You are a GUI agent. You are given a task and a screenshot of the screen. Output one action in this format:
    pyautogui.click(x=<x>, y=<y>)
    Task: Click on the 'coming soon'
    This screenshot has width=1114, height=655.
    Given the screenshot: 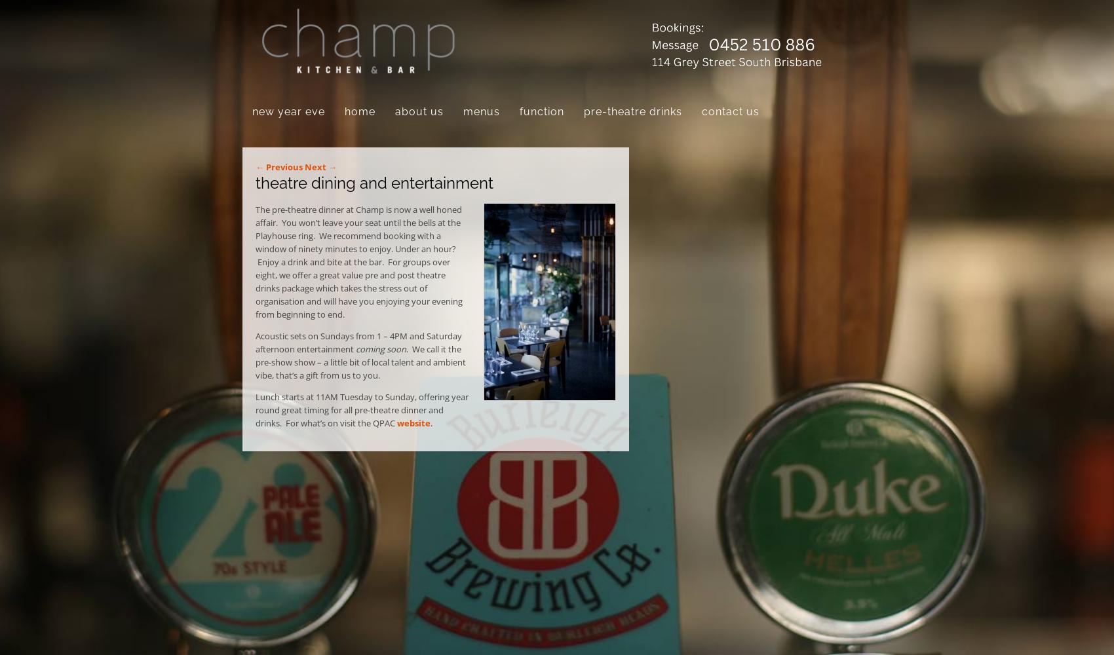 What is the action you would take?
    pyautogui.click(x=380, y=349)
    